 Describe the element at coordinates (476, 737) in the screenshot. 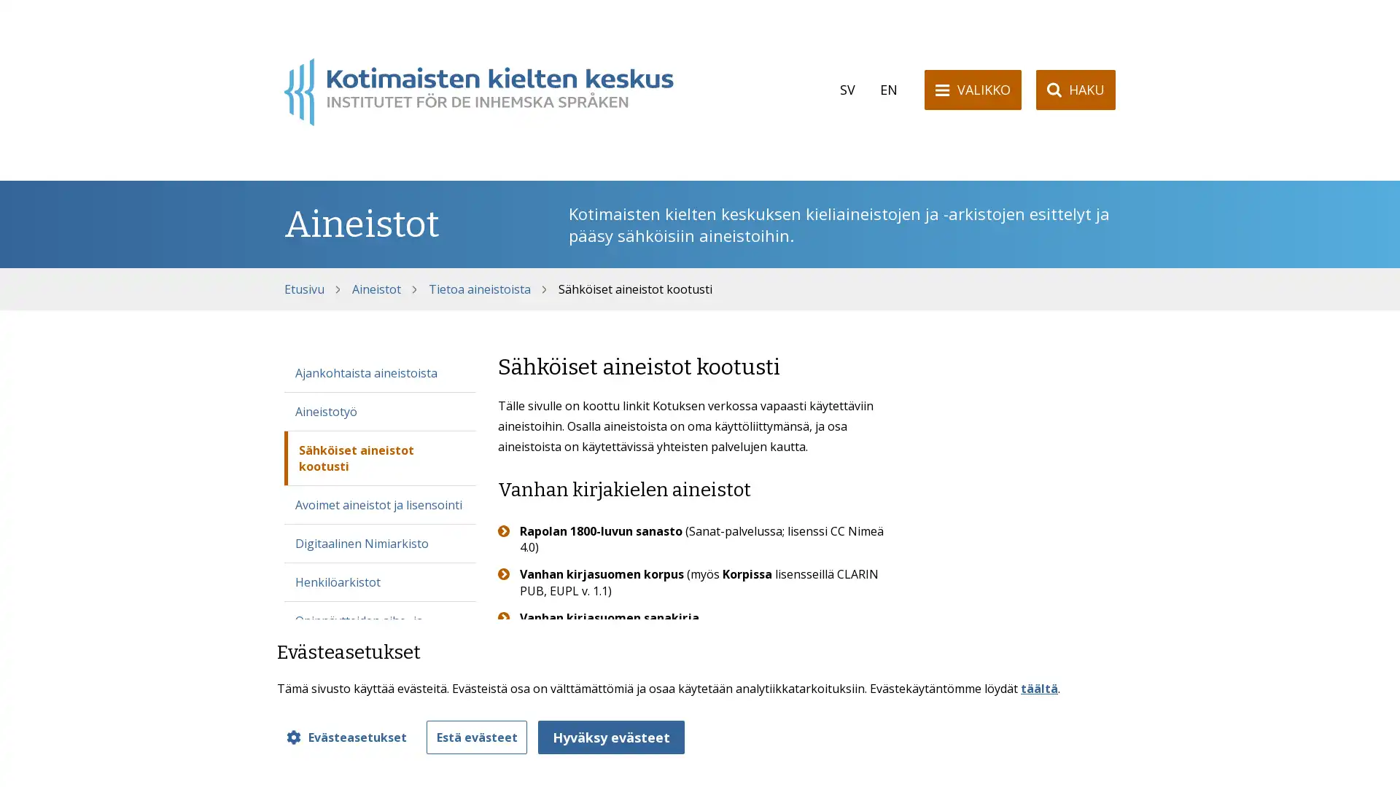

I see `Esta evasteet` at that location.